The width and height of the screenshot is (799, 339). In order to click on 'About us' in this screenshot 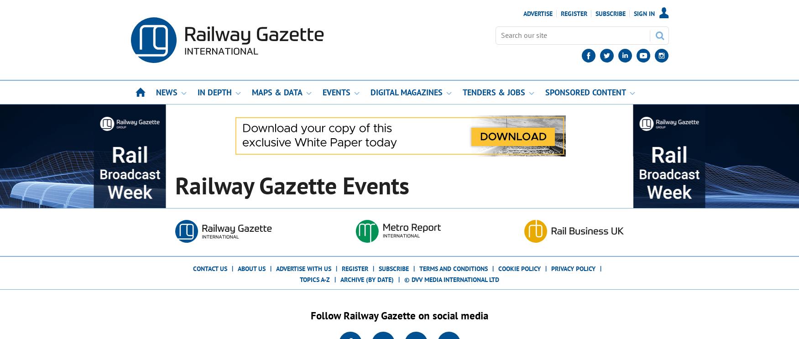, I will do `click(251, 268)`.